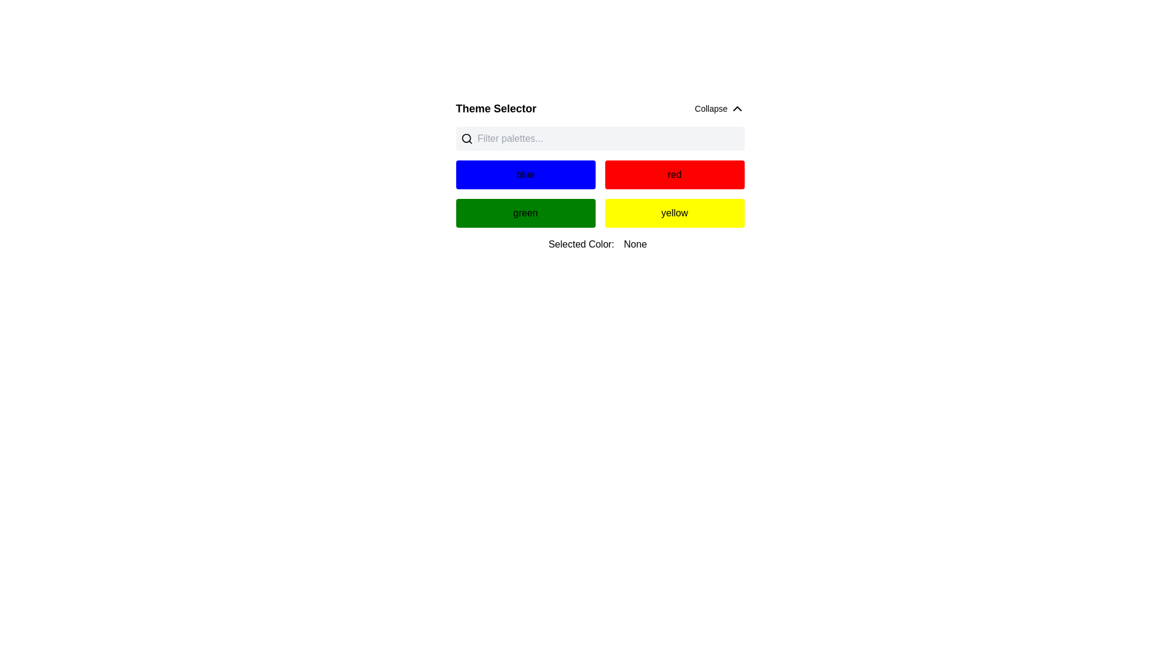 Image resolution: width=1154 pixels, height=649 pixels. I want to click on the toggler button in the top-right corner of the 'Theme Selector' section, so click(719, 109).